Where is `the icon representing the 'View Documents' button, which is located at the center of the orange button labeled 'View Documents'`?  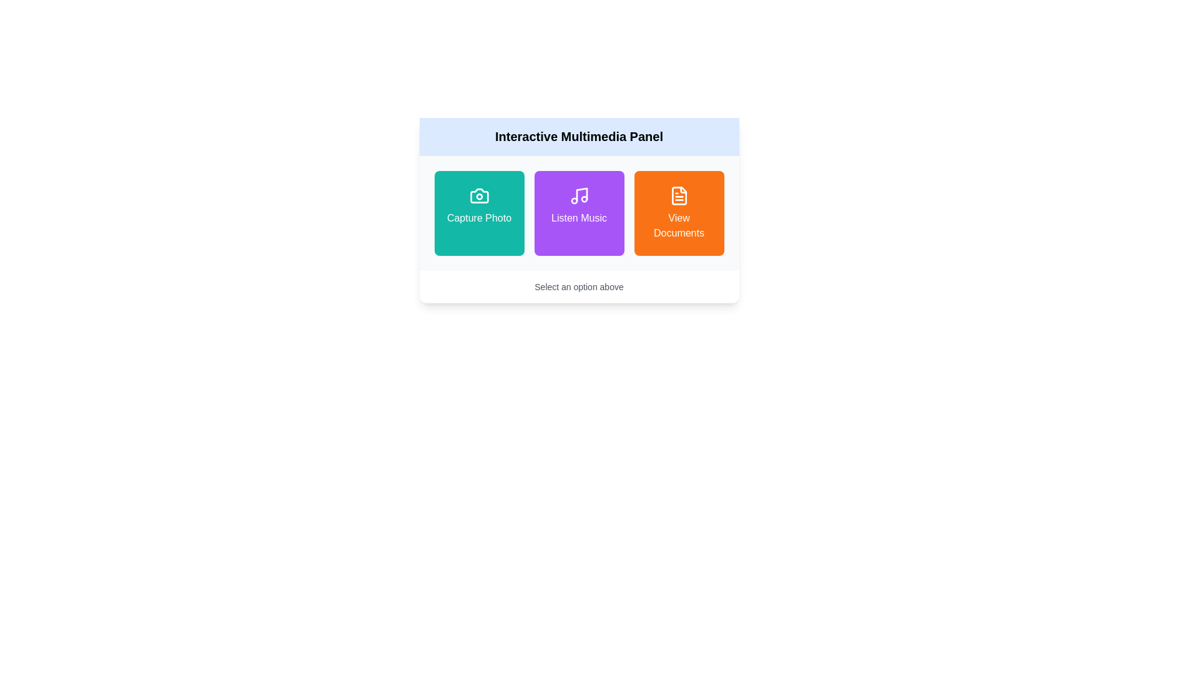 the icon representing the 'View Documents' button, which is located at the center of the orange button labeled 'View Documents' is located at coordinates (678, 195).